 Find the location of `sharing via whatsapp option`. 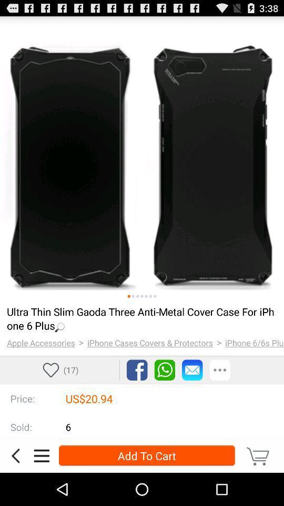

sharing via whatsapp option is located at coordinates (165, 370).